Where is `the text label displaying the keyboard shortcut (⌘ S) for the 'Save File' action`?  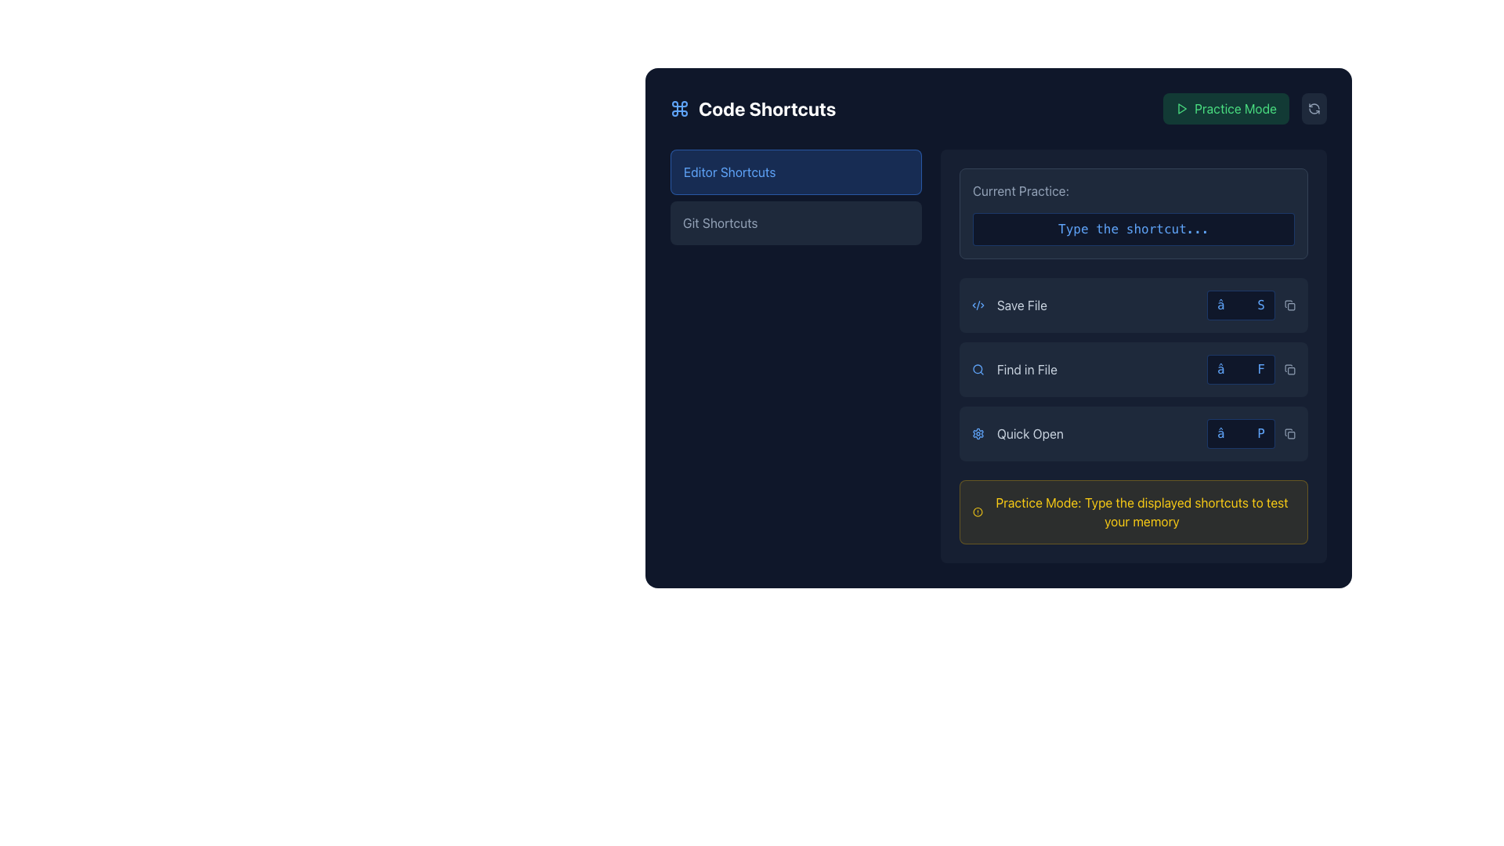 the text label displaying the keyboard shortcut (⌘ S) for the 'Save File' action is located at coordinates (1250, 305).